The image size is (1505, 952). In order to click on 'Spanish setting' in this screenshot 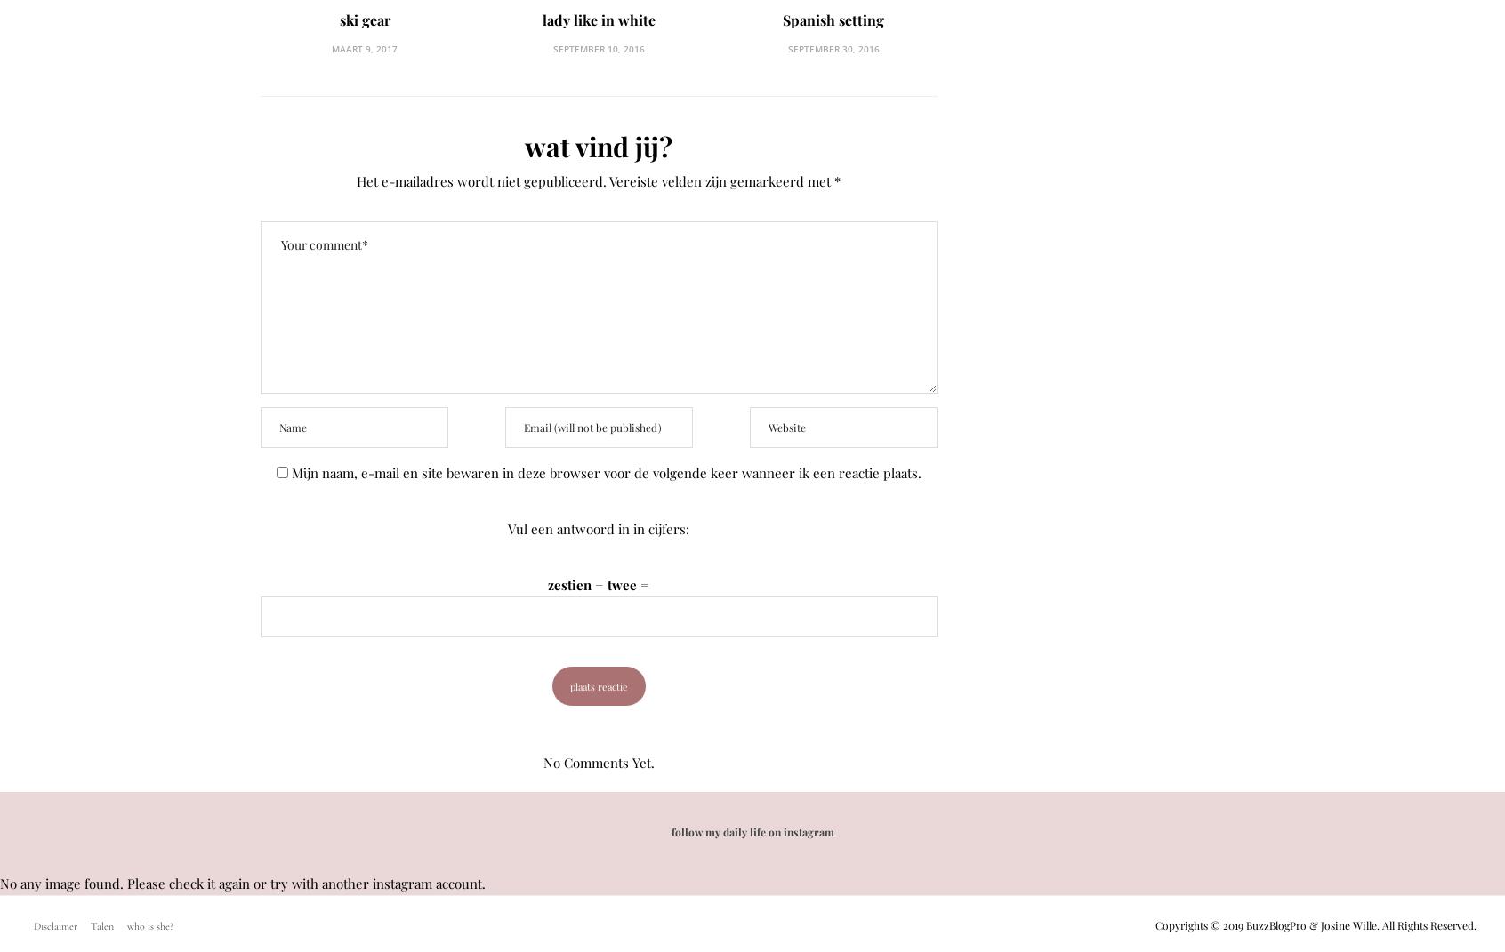, I will do `click(808, 19)`.